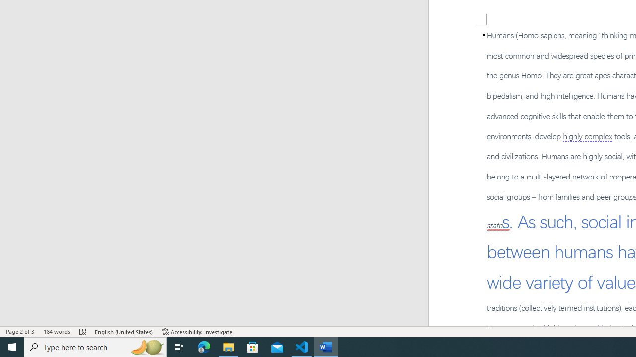 The image size is (636, 357). Describe the element at coordinates (197, 332) in the screenshot. I see `'Accessibility Checker Accessibility: Investigate'` at that location.